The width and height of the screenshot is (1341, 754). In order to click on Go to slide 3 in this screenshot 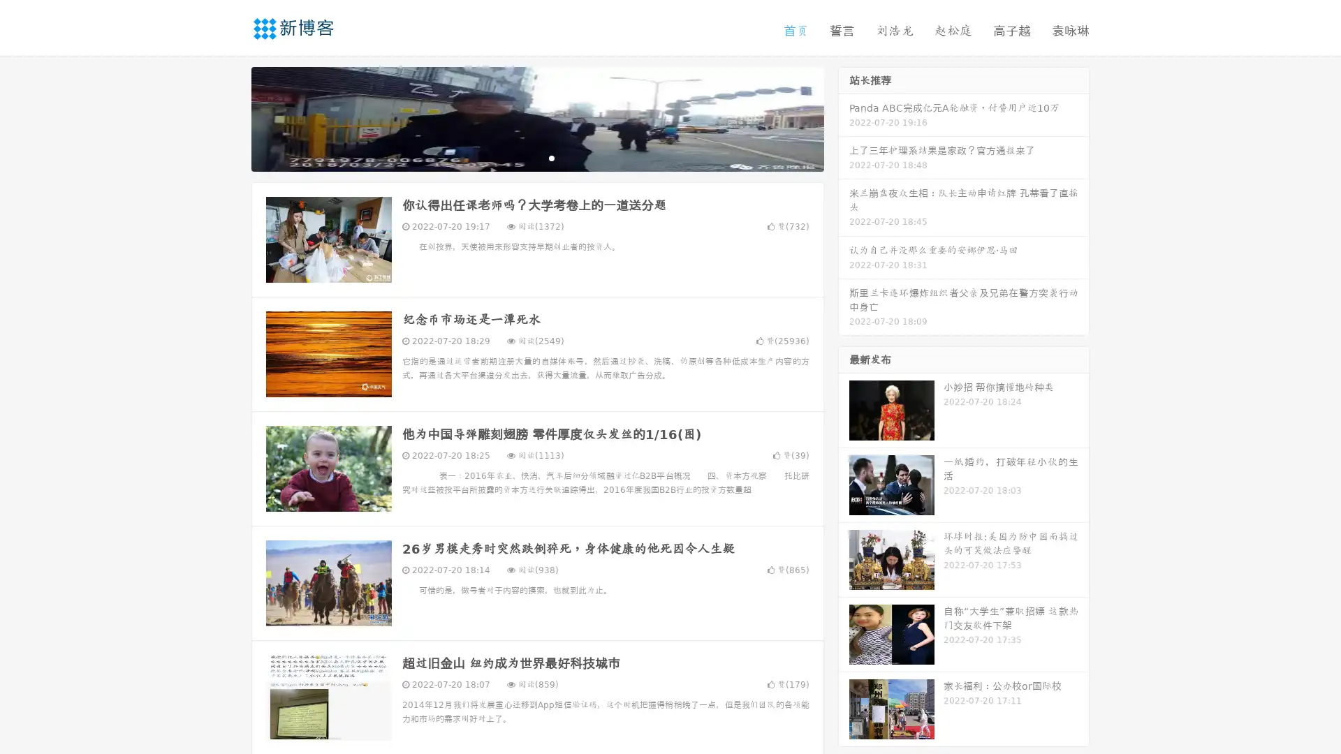, I will do `click(551, 157)`.